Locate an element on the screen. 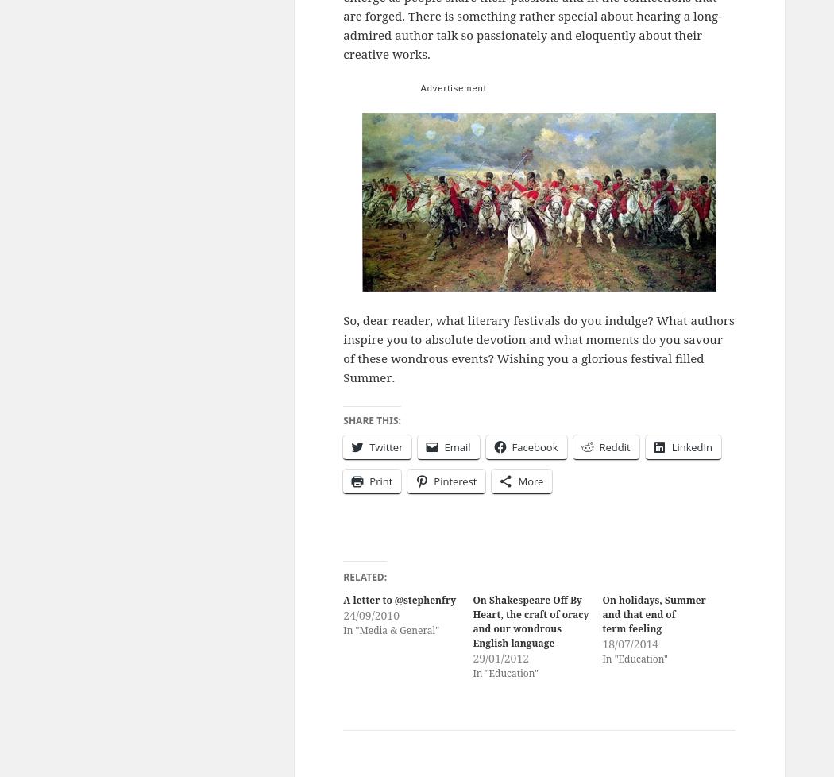 Image resolution: width=834 pixels, height=777 pixels. 'Related' is located at coordinates (342, 576).